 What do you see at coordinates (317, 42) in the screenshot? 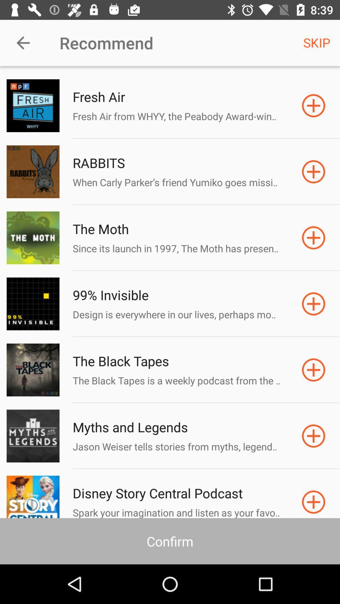
I see `the icon next to recommend icon` at bounding box center [317, 42].